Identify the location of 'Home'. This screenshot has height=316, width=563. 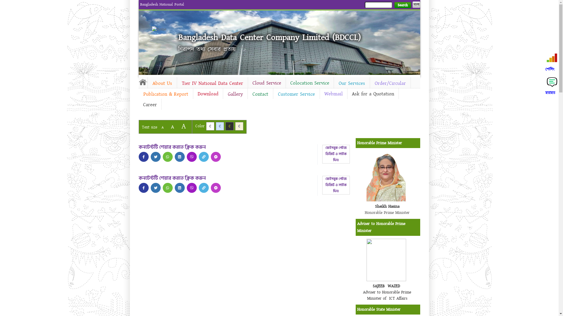
(143, 82).